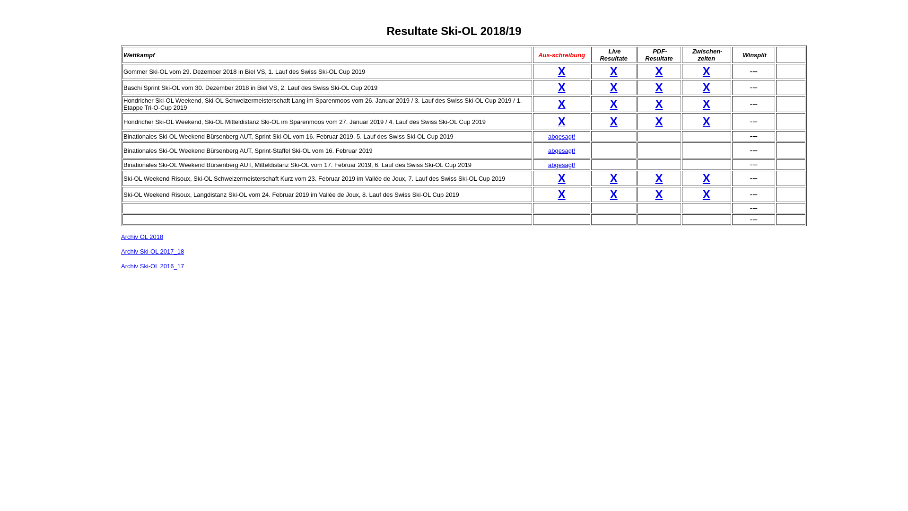 The height and width of the screenshot is (511, 908). I want to click on 'X', so click(562, 70).